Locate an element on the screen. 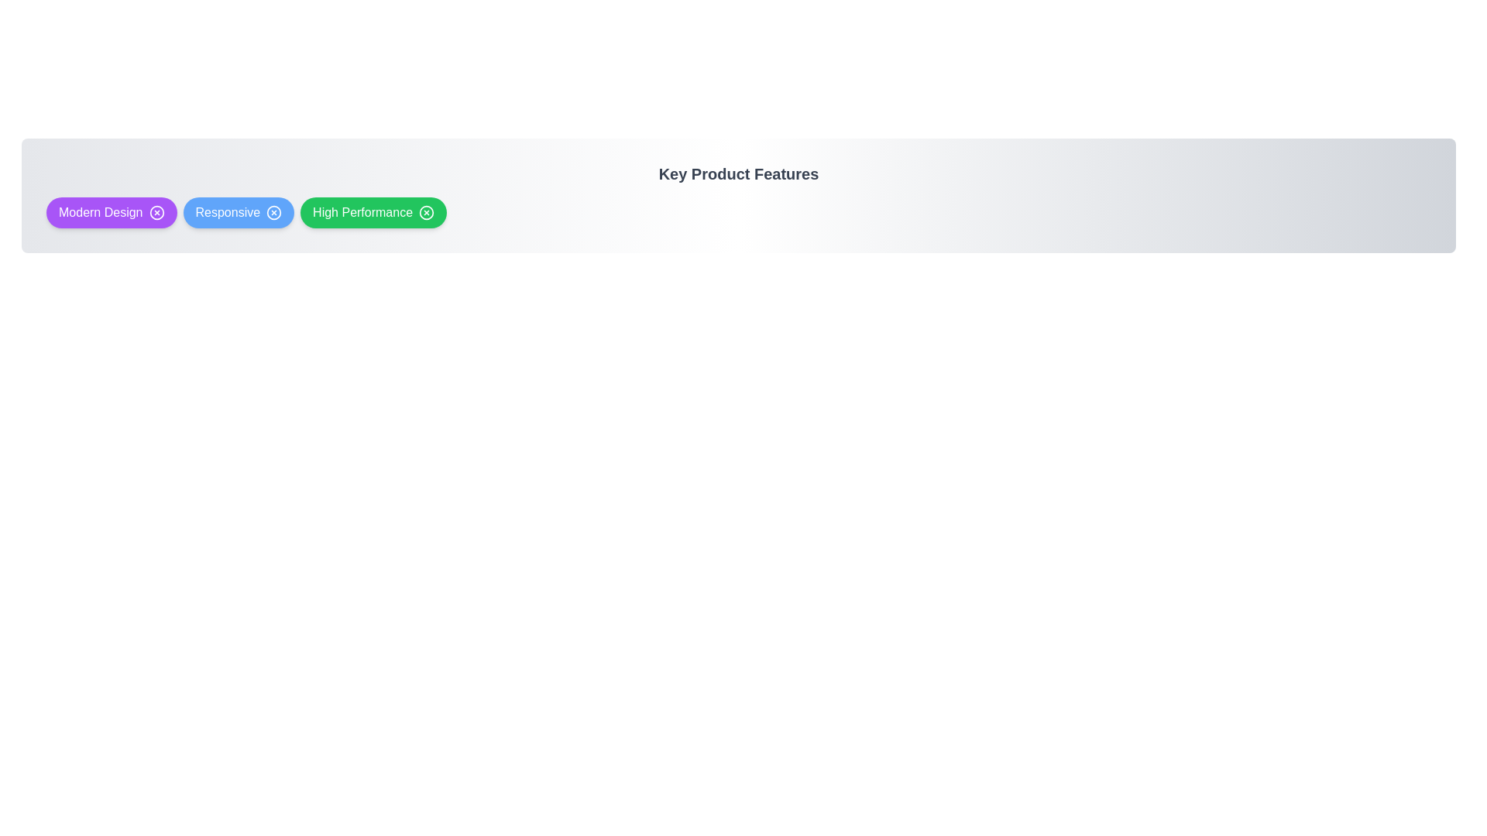 This screenshot has height=836, width=1487. the label of the feature Responsive is located at coordinates (227, 212).